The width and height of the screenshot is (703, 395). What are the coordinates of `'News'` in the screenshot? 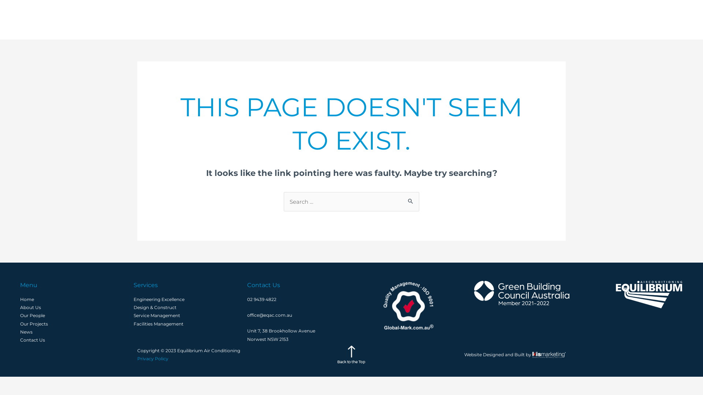 It's located at (608, 19).